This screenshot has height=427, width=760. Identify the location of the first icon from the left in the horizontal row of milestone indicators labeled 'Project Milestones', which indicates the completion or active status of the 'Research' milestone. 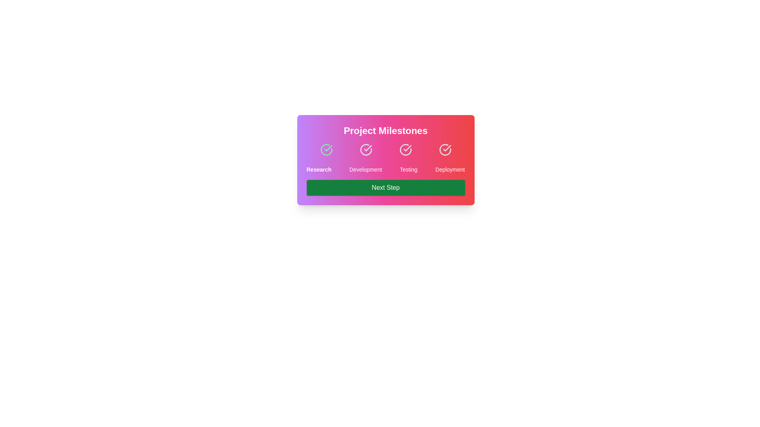
(326, 149).